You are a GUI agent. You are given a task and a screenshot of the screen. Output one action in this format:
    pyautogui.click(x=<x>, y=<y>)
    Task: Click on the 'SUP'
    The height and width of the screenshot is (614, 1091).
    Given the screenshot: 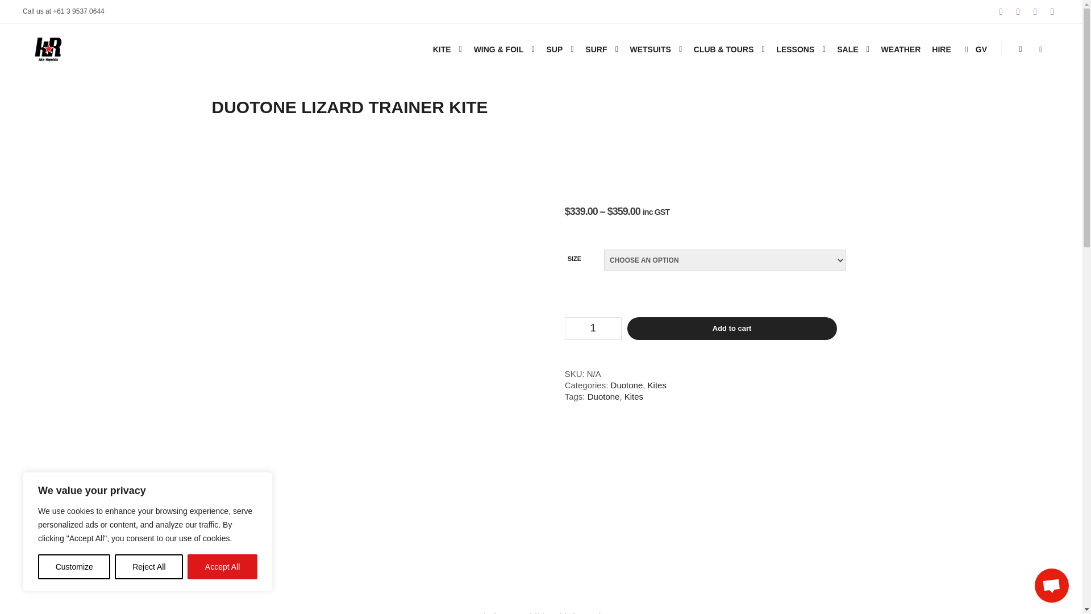 What is the action you would take?
    pyautogui.click(x=553, y=49)
    